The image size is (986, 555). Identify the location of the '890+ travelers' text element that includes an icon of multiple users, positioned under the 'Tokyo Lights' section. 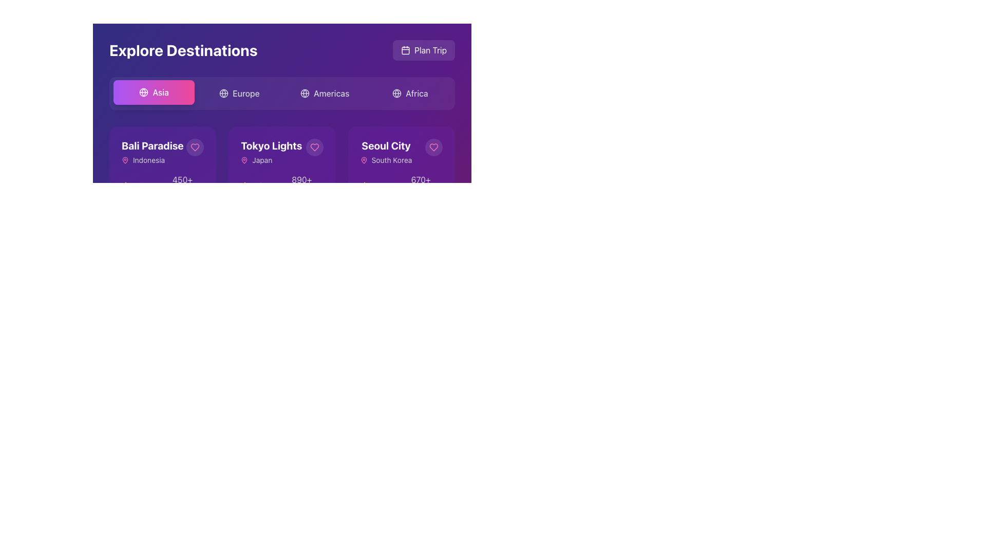
(297, 186).